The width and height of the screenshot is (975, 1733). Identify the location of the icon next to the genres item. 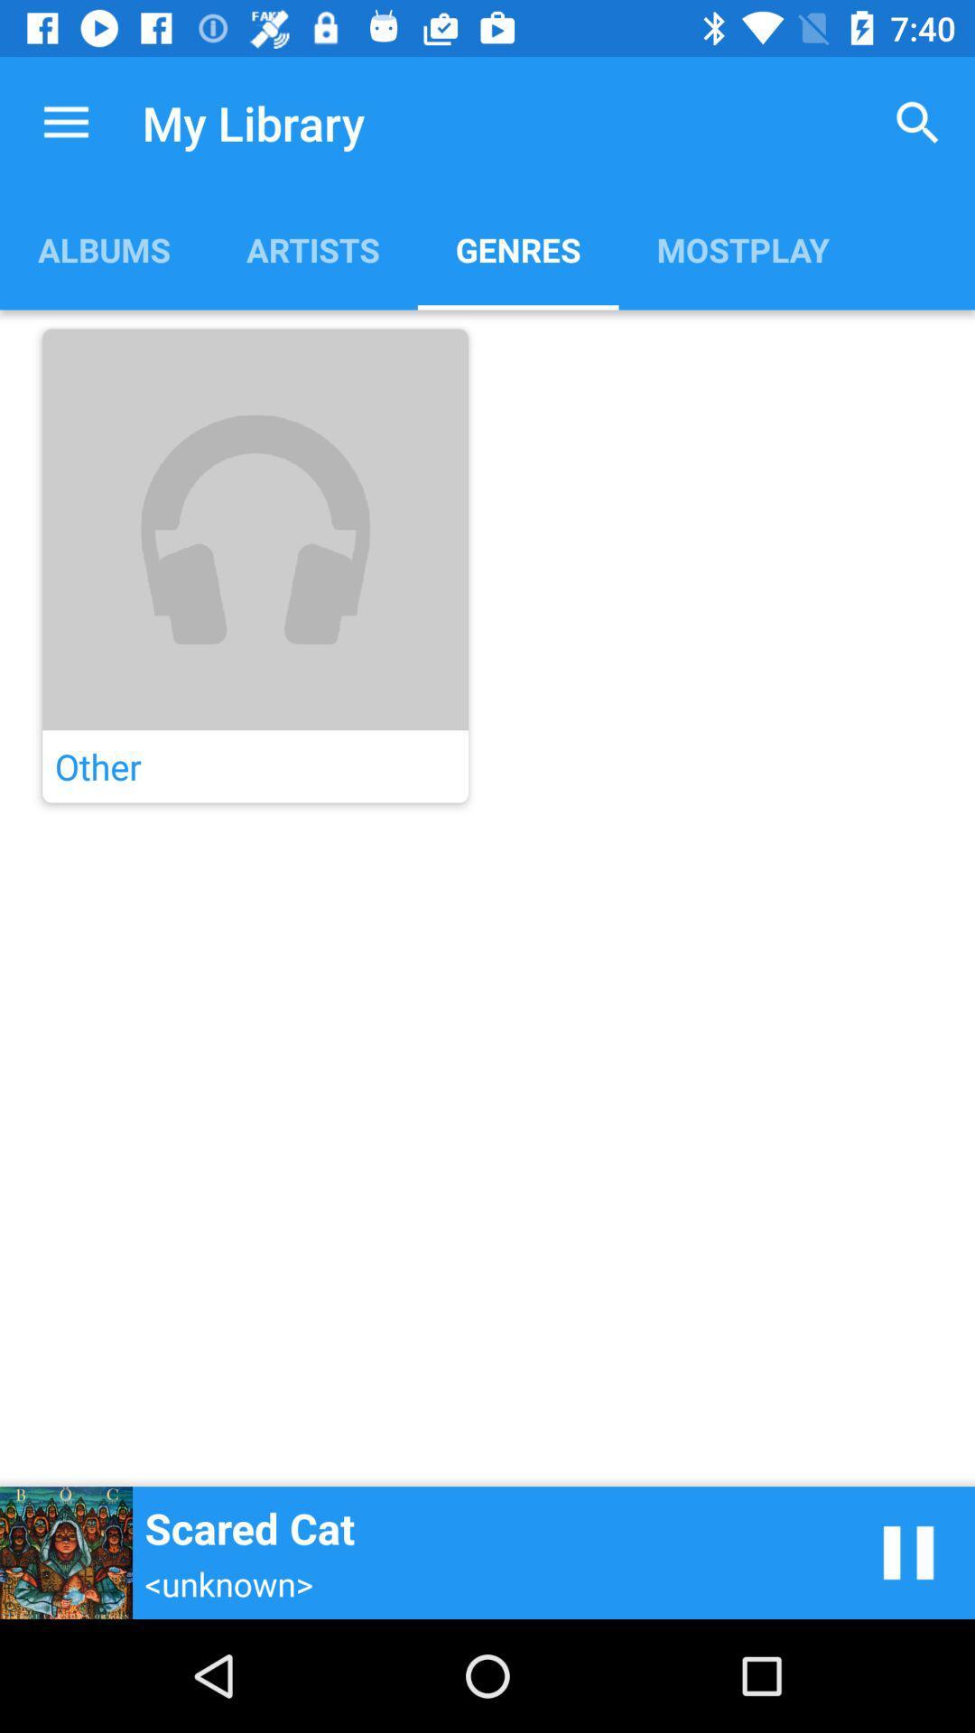
(311, 248).